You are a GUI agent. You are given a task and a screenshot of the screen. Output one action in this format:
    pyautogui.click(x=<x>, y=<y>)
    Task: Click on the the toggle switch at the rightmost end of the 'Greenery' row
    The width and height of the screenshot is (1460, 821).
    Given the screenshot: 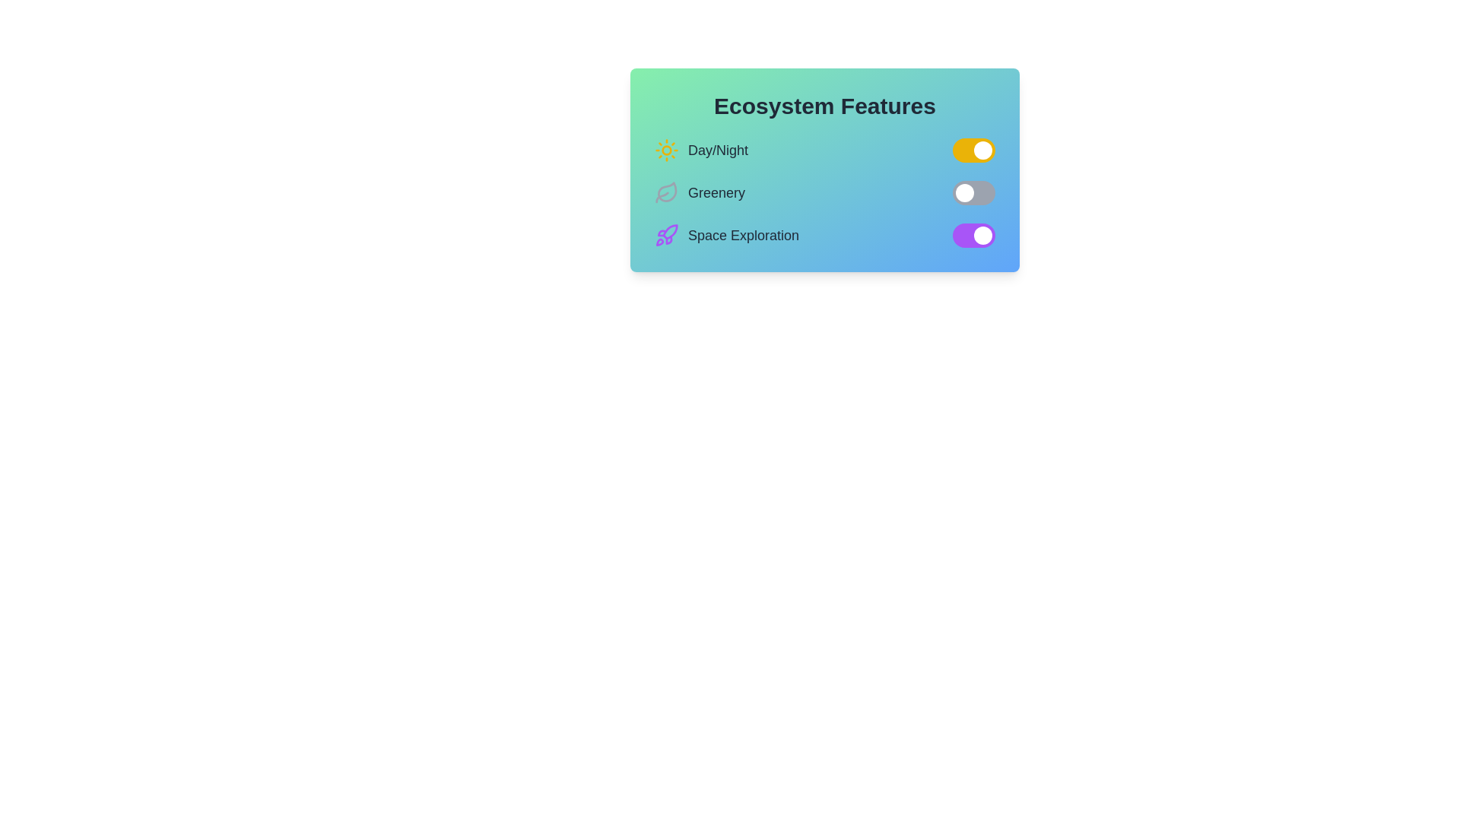 What is the action you would take?
    pyautogui.click(x=974, y=192)
    